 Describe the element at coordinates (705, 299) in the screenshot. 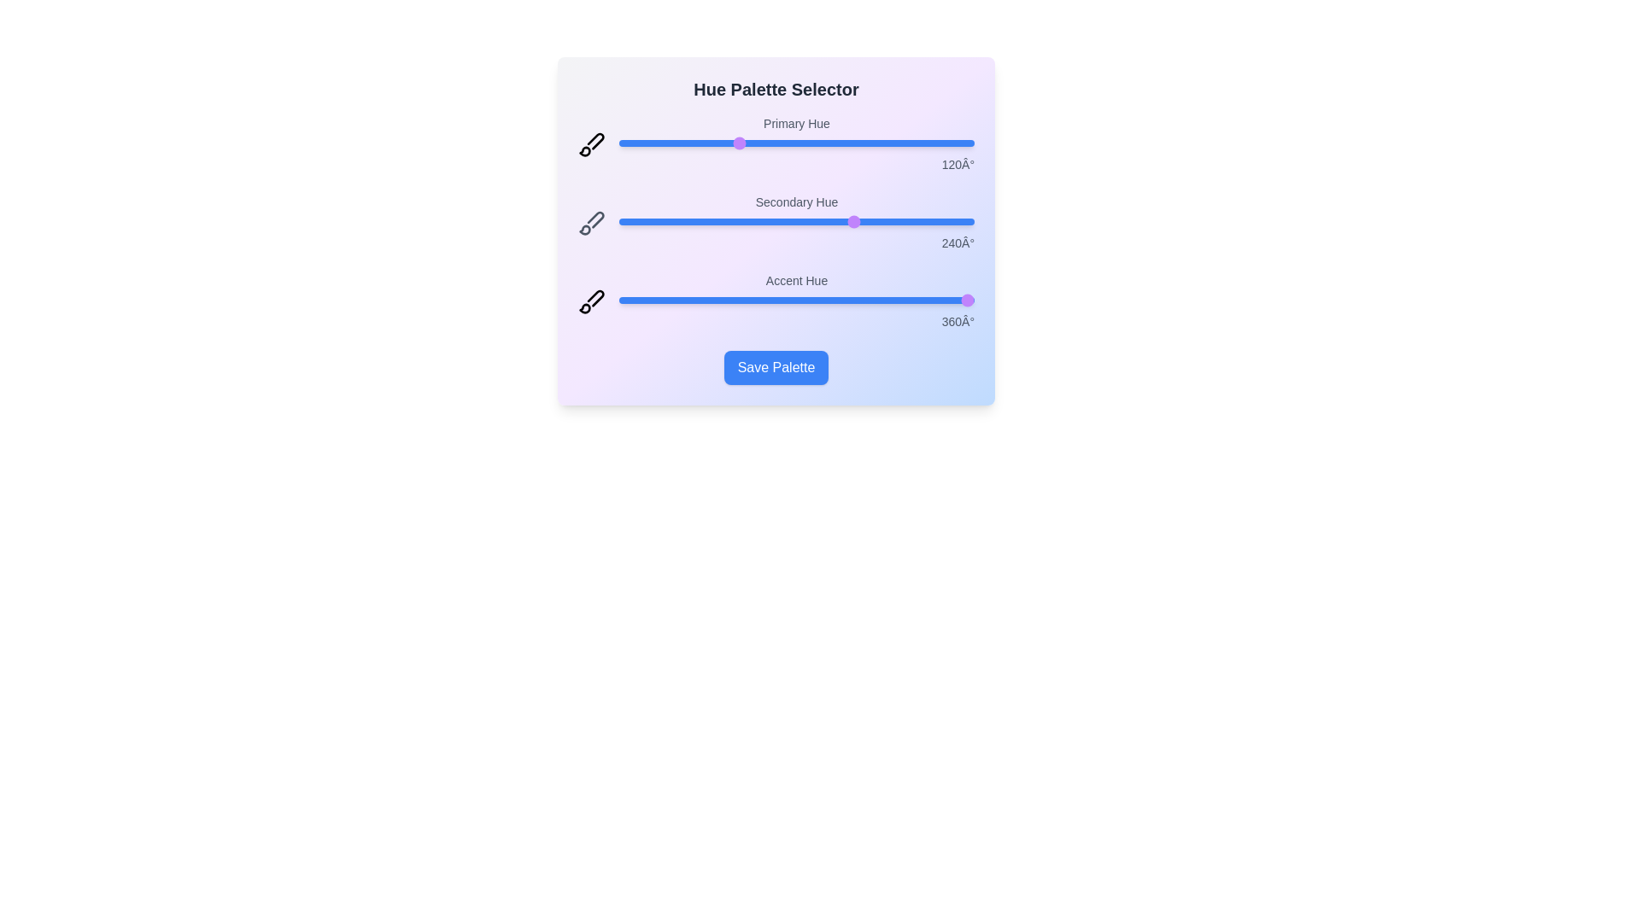

I see `the 'Accent Hue' slider to 87 degrees` at that location.